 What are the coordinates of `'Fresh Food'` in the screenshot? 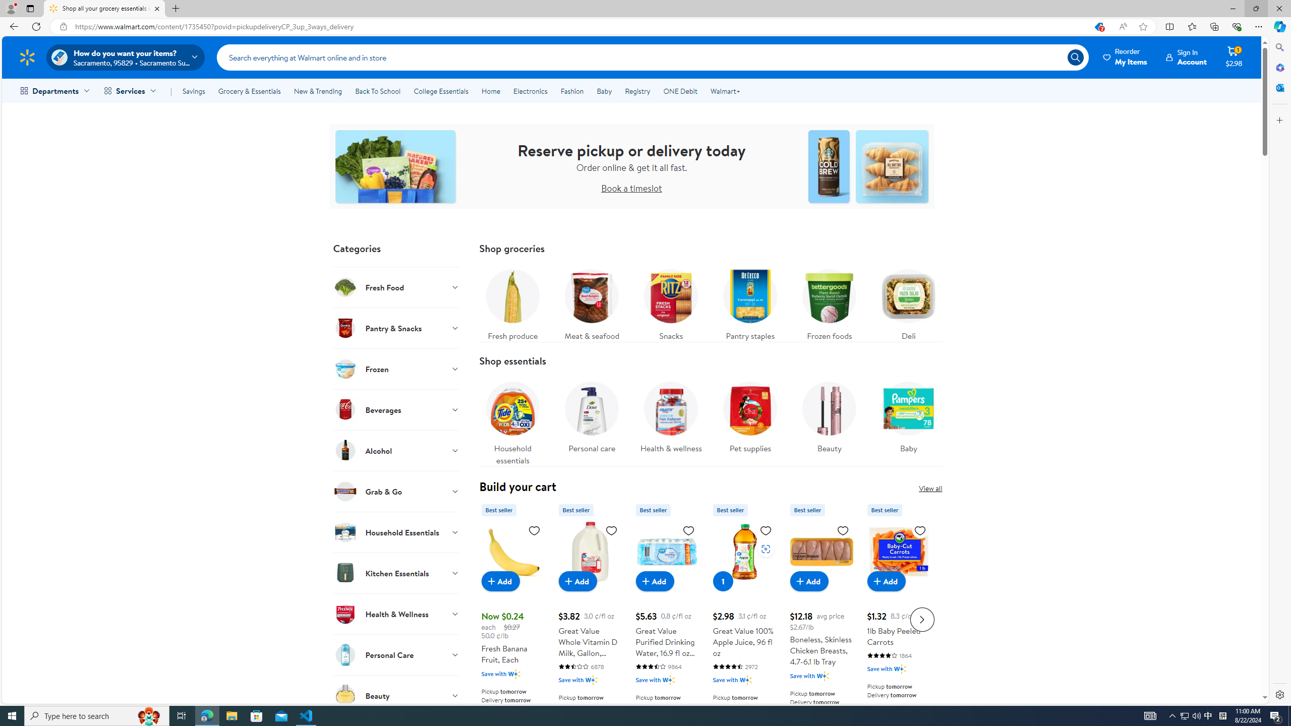 It's located at (395, 286).